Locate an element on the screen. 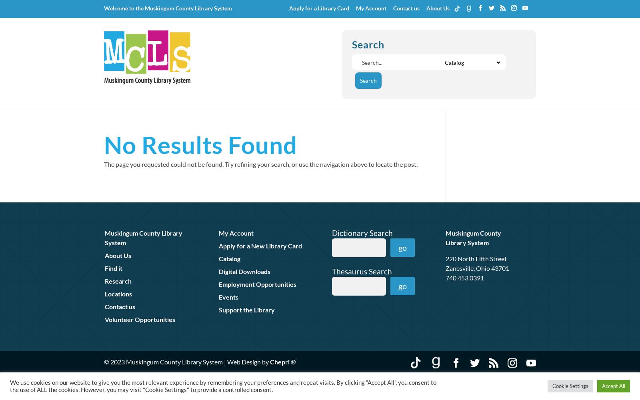  'Find it' is located at coordinates (114, 268).